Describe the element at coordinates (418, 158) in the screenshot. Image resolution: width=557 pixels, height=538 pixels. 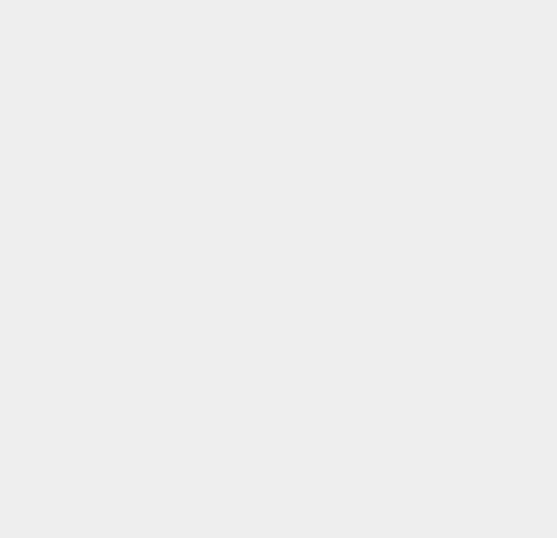
I see `'macOS Sonoma'` at that location.